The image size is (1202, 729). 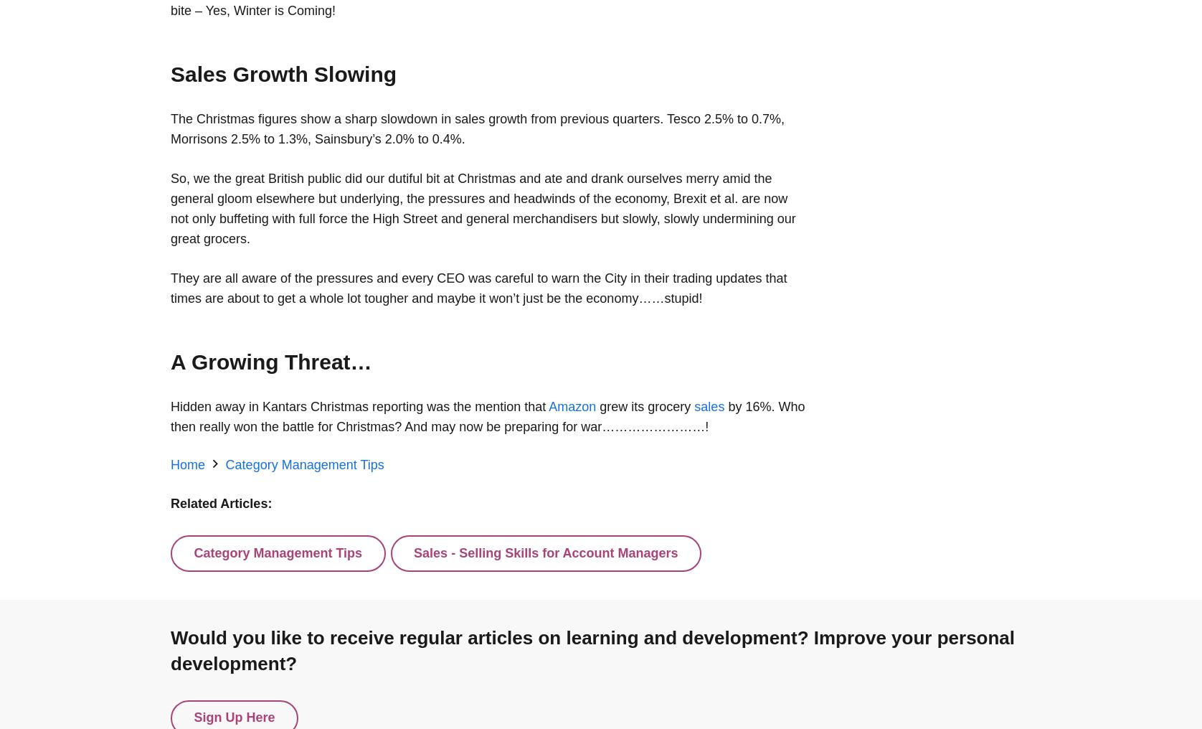 What do you see at coordinates (571, 405) in the screenshot?
I see `'Amazon'` at bounding box center [571, 405].